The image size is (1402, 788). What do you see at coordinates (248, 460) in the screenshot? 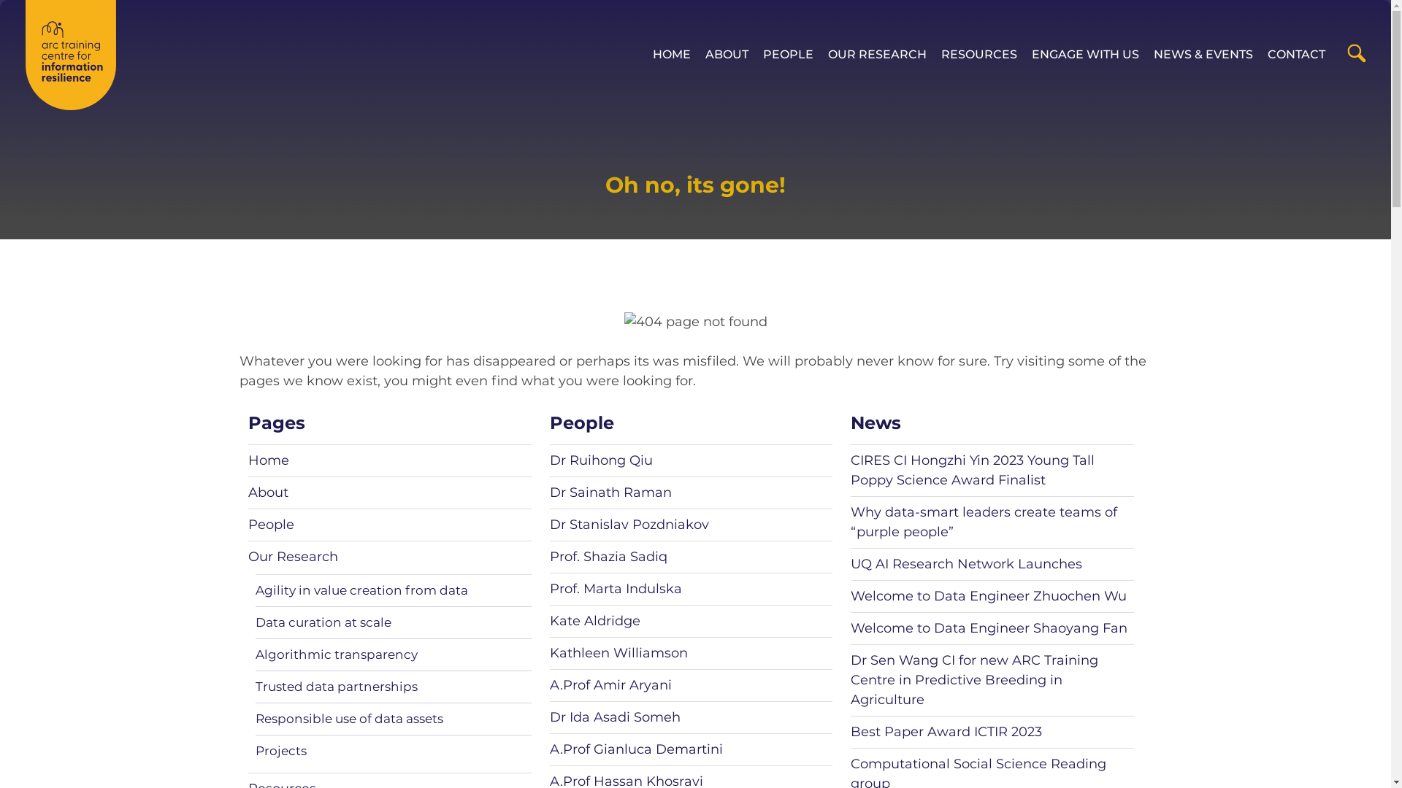
I see `'Home'` at bounding box center [248, 460].